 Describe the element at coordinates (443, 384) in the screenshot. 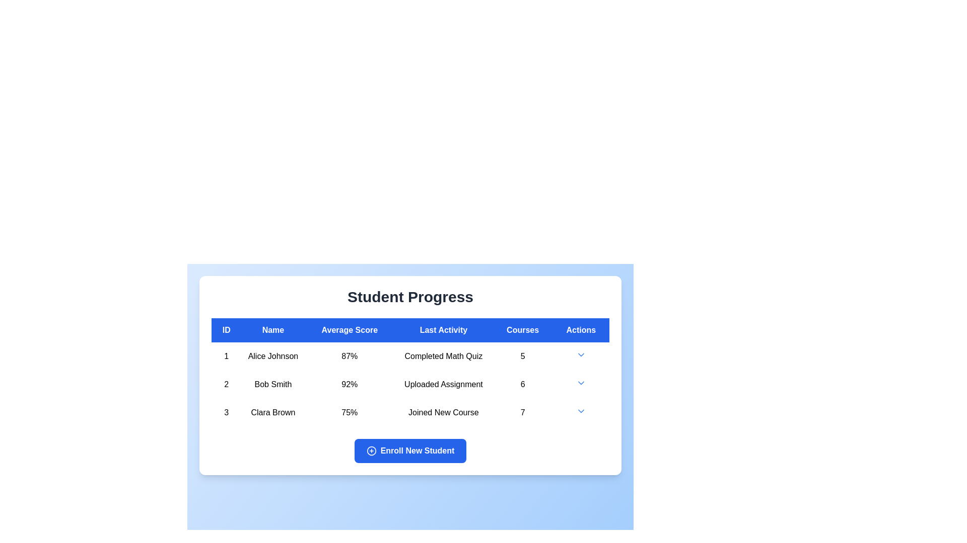

I see `the Text label in the 'Last Activity' column indicating the student's most recent activity, which states that the assignment was uploaded` at that location.